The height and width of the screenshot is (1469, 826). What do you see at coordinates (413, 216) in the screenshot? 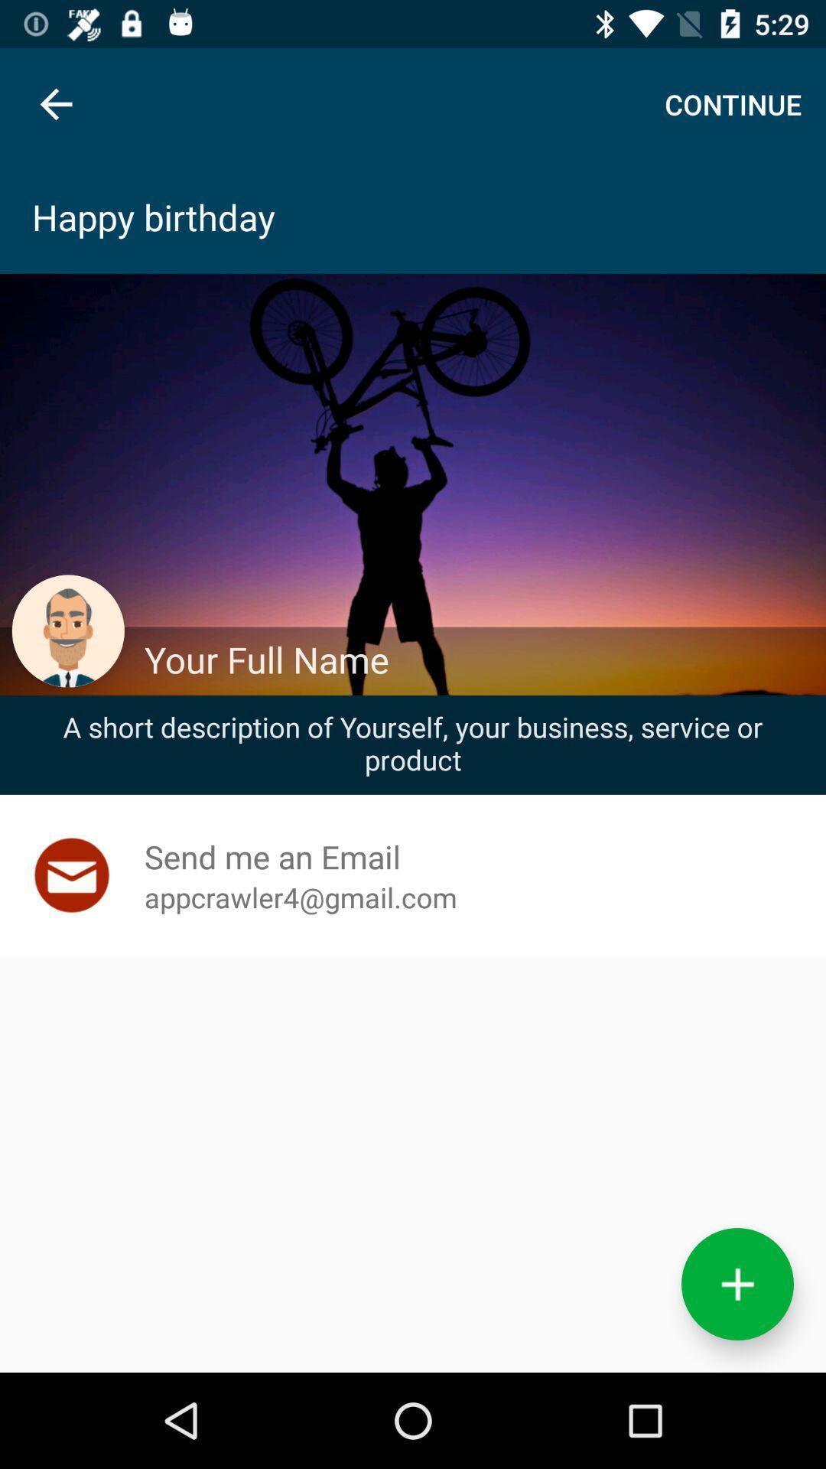
I see `the happy birthday item` at bounding box center [413, 216].